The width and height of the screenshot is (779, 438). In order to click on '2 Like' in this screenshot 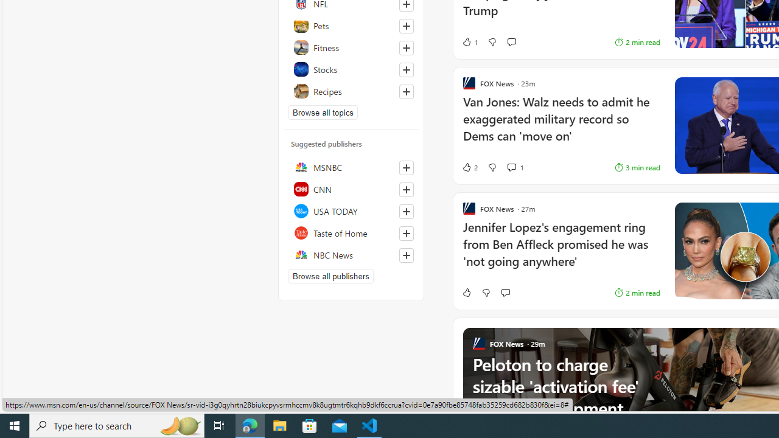, I will do `click(469, 167)`.